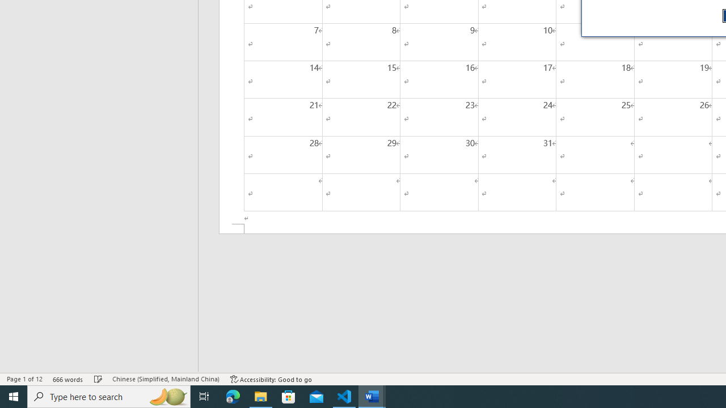 Image resolution: width=726 pixels, height=408 pixels. Describe the element at coordinates (24, 379) in the screenshot. I see `'Page Number Page 1 of 12'` at that location.